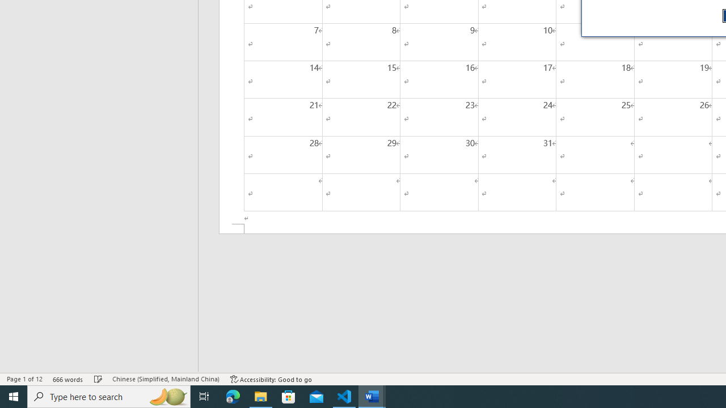 Image resolution: width=726 pixels, height=408 pixels. Describe the element at coordinates (24, 379) in the screenshot. I see `'Page Number Page 1 of 12'` at that location.